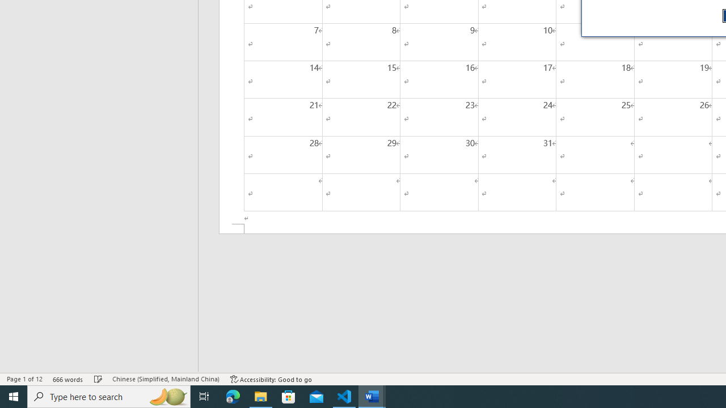 Image resolution: width=726 pixels, height=408 pixels. Describe the element at coordinates (24, 379) in the screenshot. I see `'Page Number Page 1 of 12'` at that location.